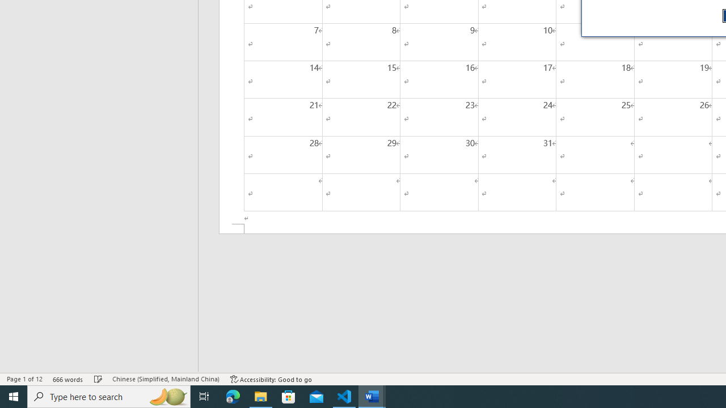 Image resolution: width=726 pixels, height=408 pixels. Describe the element at coordinates (24, 379) in the screenshot. I see `'Page Number Page 1 of 12'` at that location.